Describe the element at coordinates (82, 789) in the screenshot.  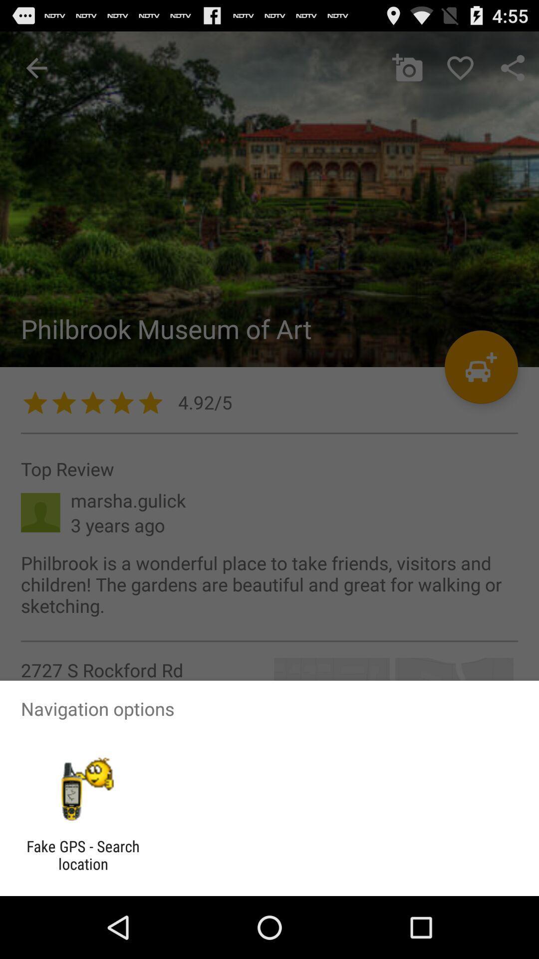
I see `the app above the fake gps search icon` at that location.